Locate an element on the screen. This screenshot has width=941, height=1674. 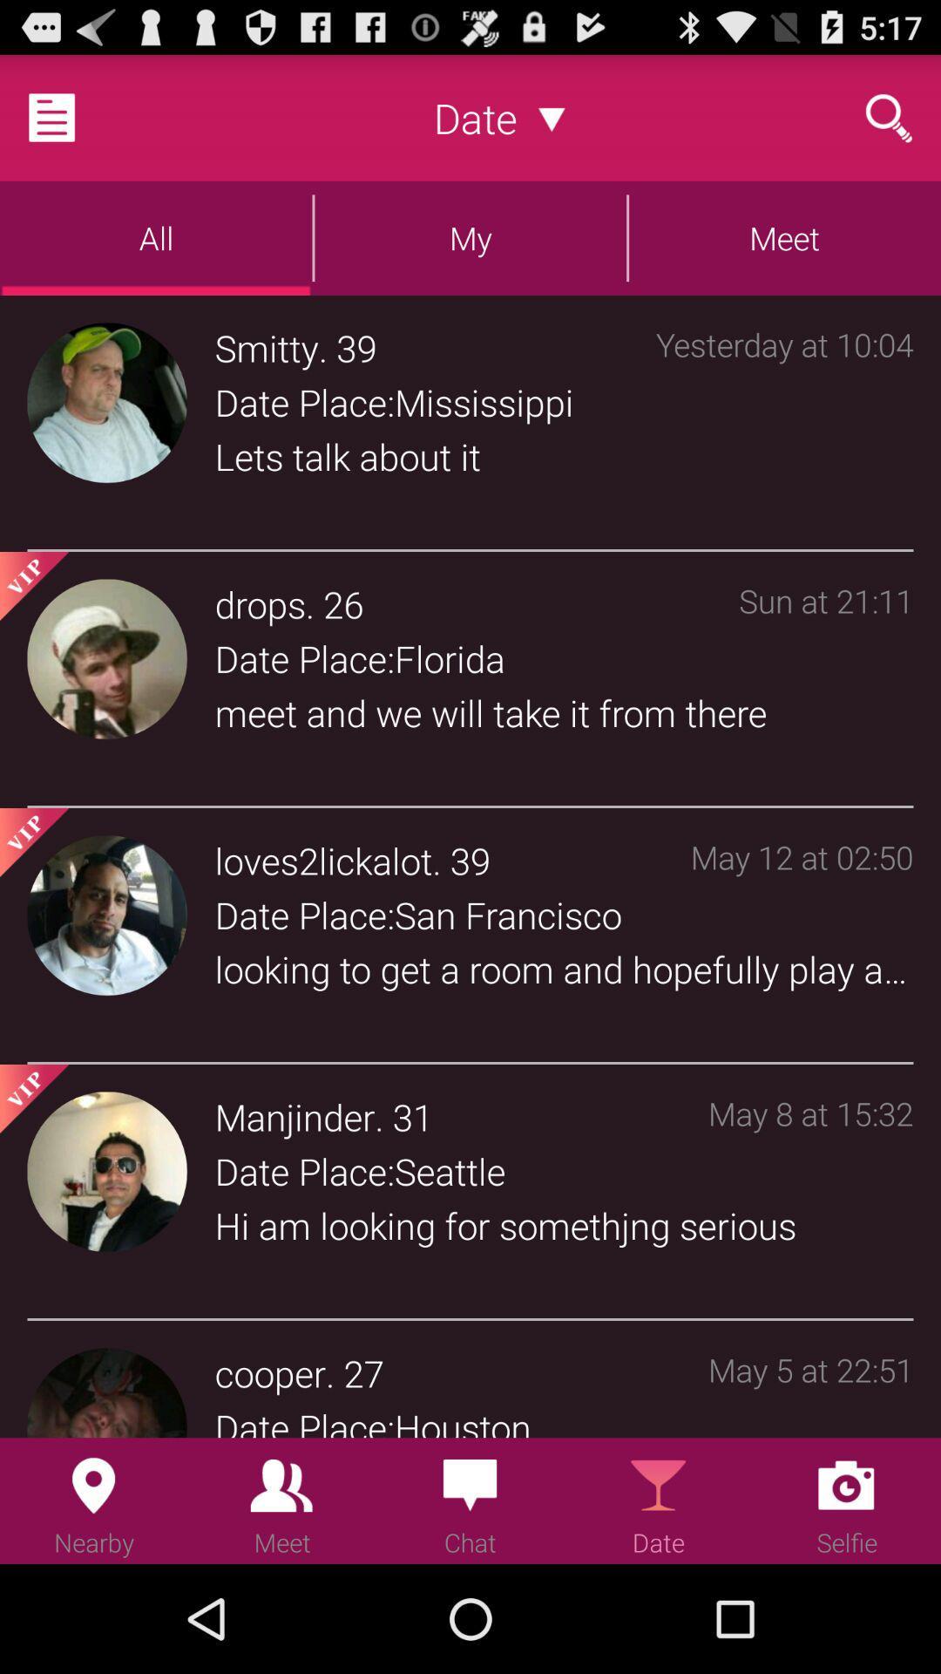
the icon next to the date place:mississippi item is located at coordinates (784, 426).